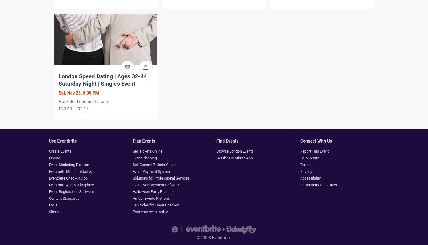 The width and height of the screenshot is (428, 245). What do you see at coordinates (201, 237) in the screenshot?
I see `'2023'` at bounding box center [201, 237].